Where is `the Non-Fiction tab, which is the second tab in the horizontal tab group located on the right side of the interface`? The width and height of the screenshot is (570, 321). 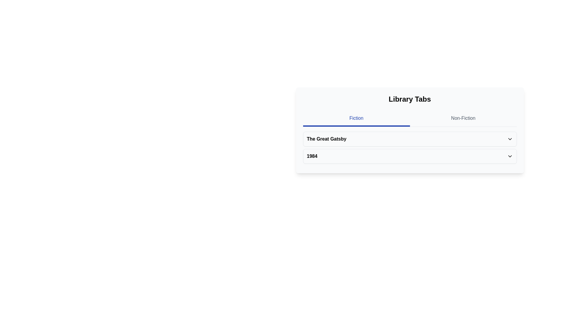 the Non-Fiction tab, which is the second tab in the horizontal tab group located on the right side of the interface is located at coordinates (463, 119).